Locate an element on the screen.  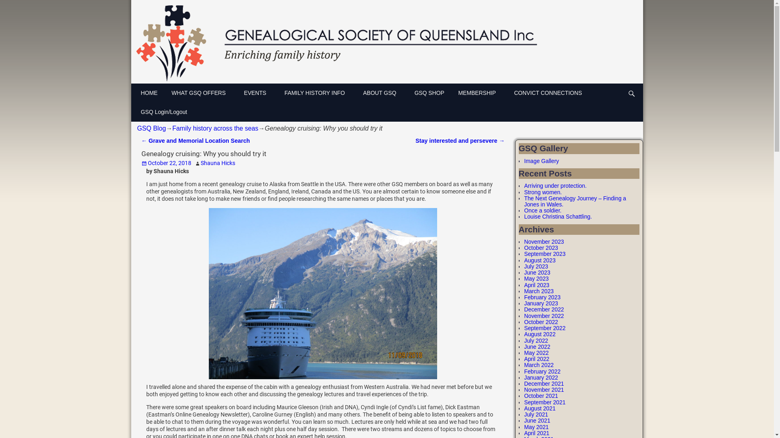
'November 2023' is located at coordinates (544, 241).